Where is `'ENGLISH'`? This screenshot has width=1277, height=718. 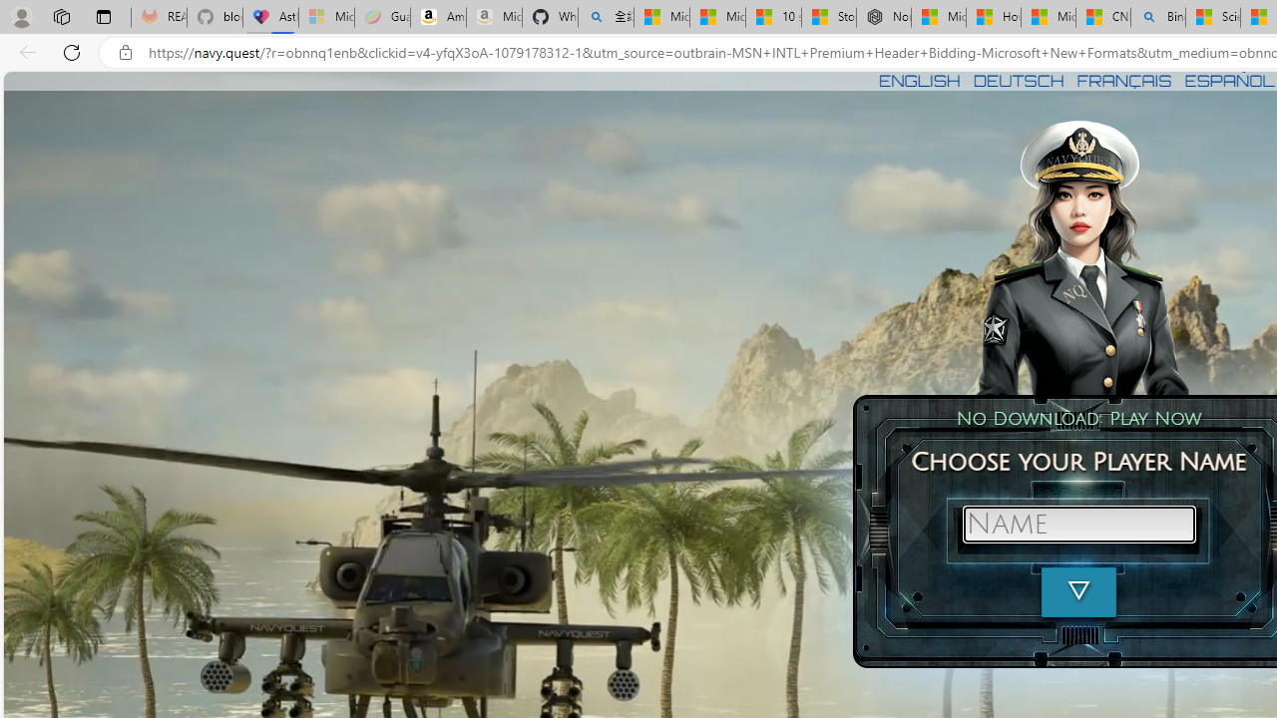 'ENGLISH' is located at coordinates (918, 80).